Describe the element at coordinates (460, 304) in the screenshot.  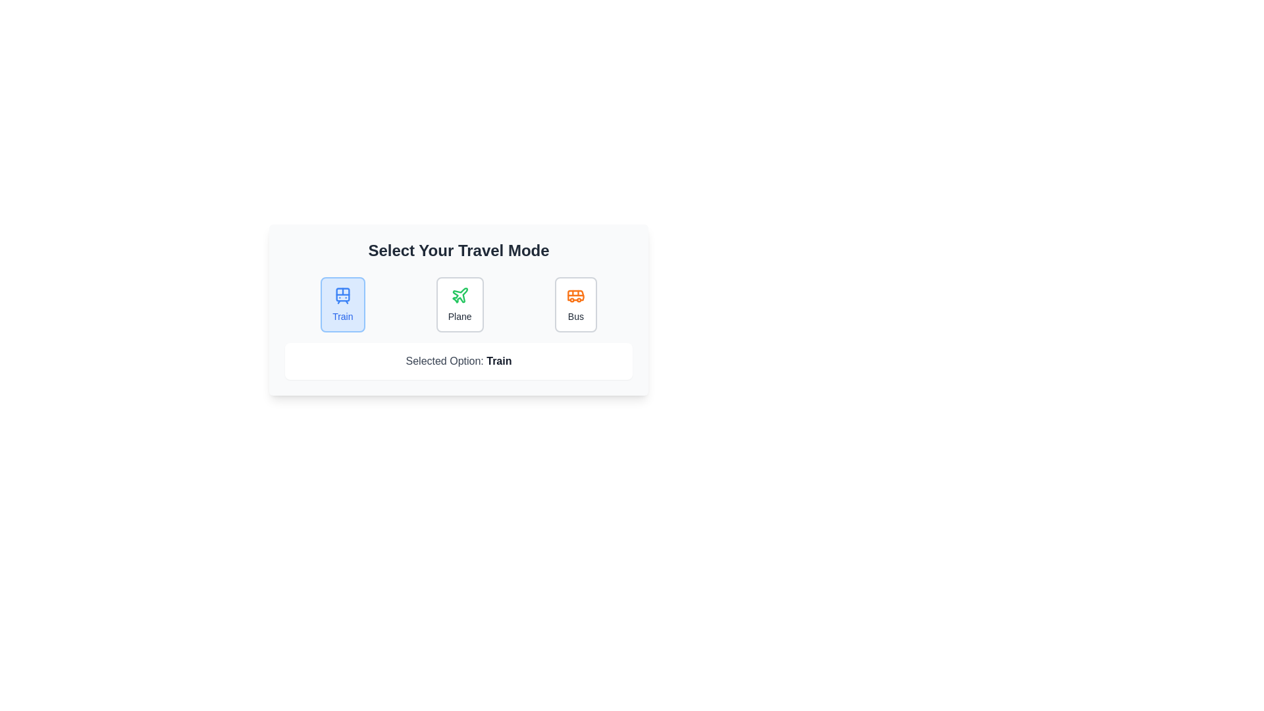
I see `the 'Plane' travel mode option button` at that location.